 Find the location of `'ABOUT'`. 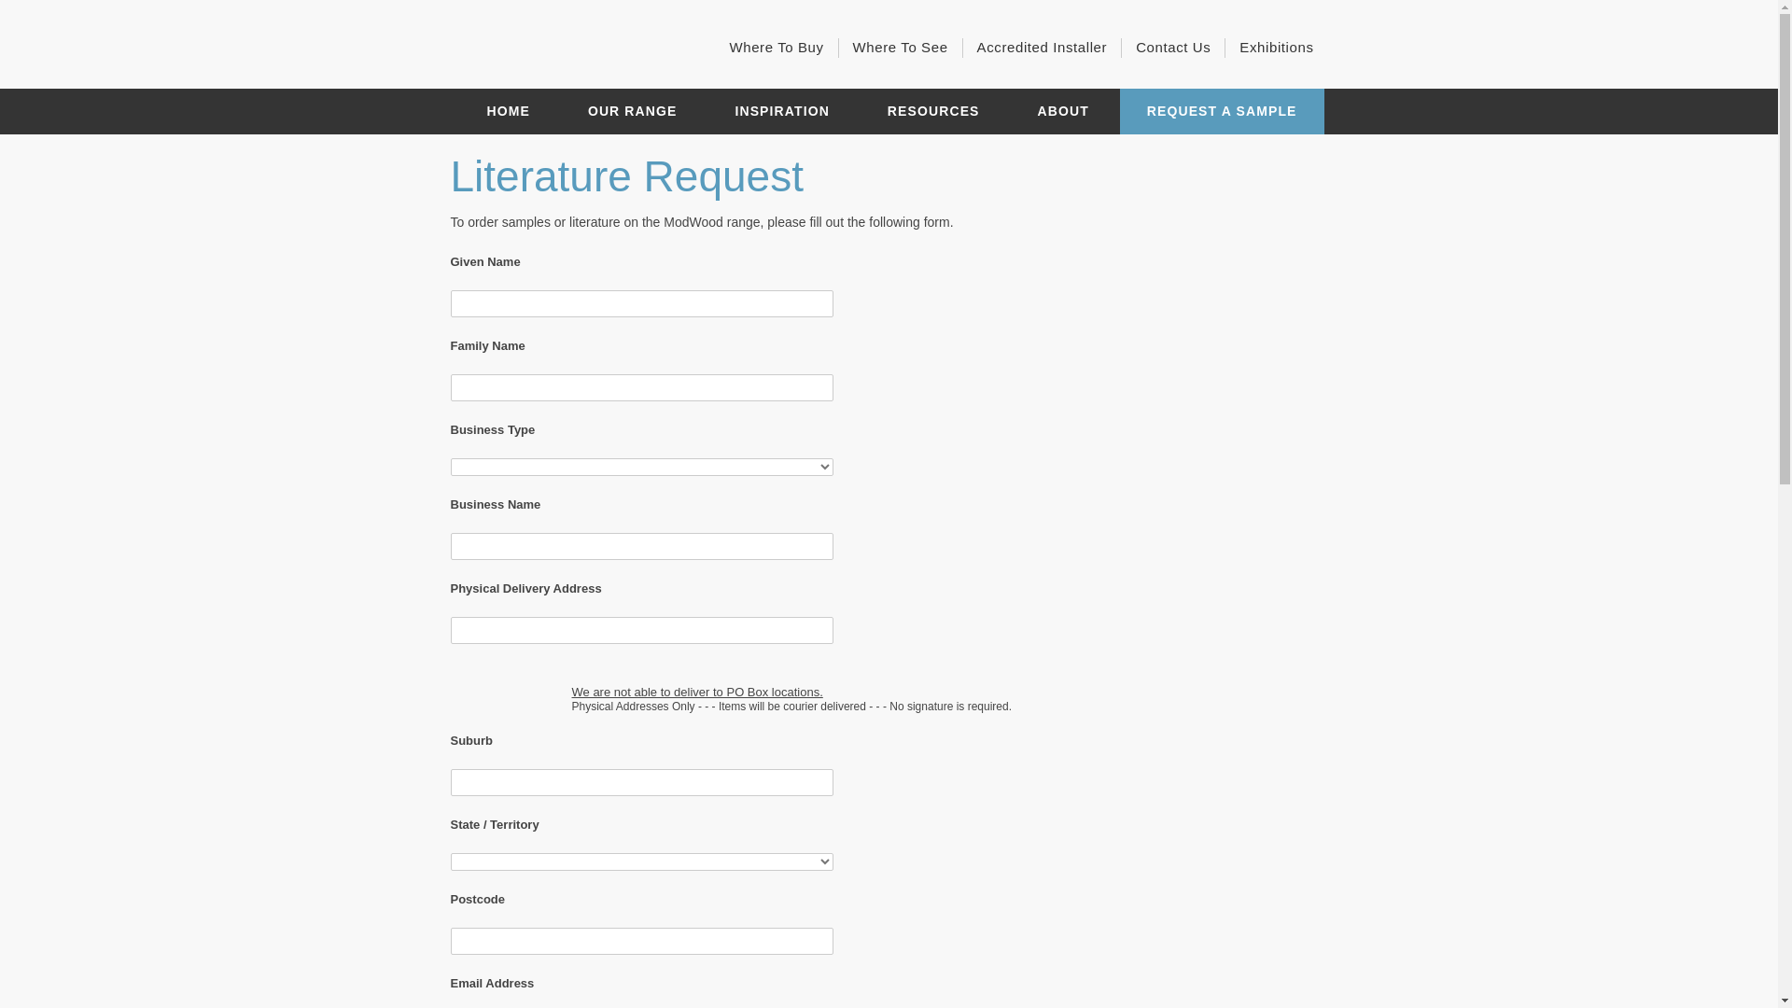

'ABOUT' is located at coordinates (1062, 111).